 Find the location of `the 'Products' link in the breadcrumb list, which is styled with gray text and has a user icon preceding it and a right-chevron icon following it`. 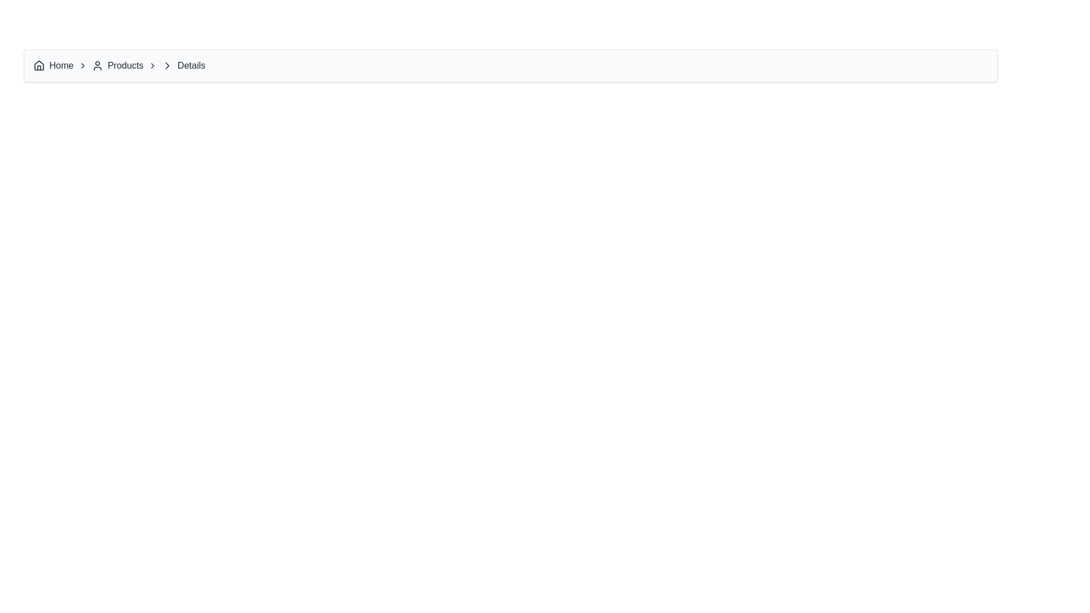

the 'Products' link in the breadcrumb list, which is styled with gray text and has a user icon preceding it and a right-chevron icon following it is located at coordinates (124, 65).